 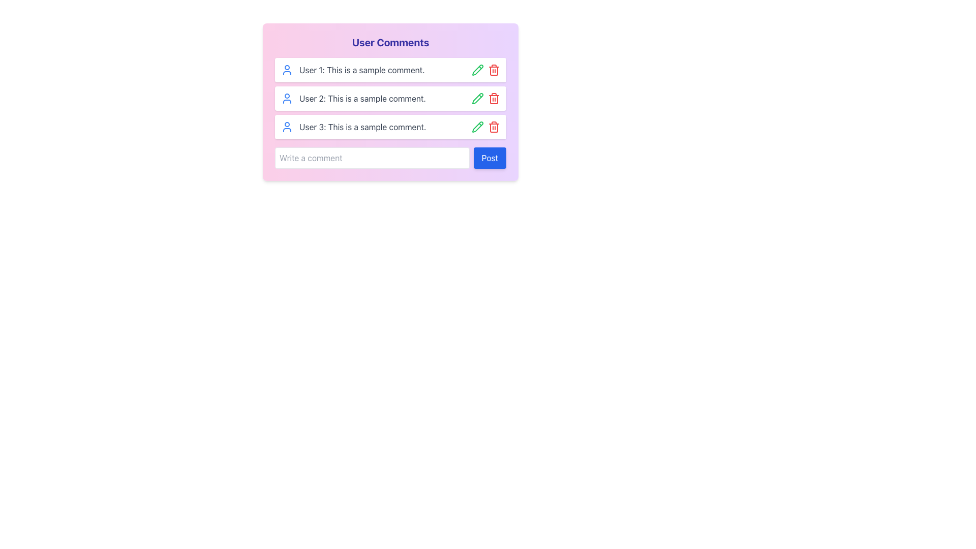 I want to click on the user avatar icon, which is the second user icon next to the comment 'User 2: This is a sample comment.', so click(x=287, y=98).